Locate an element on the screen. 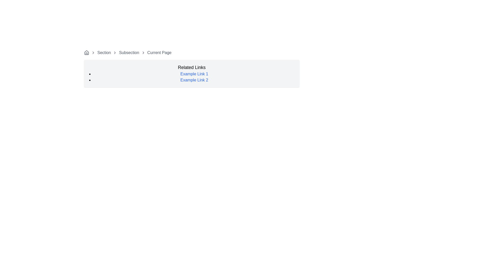 The image size is (488, 274). the first hyperlink under the 'Related Links' heading is located at coordinates (194, 74).